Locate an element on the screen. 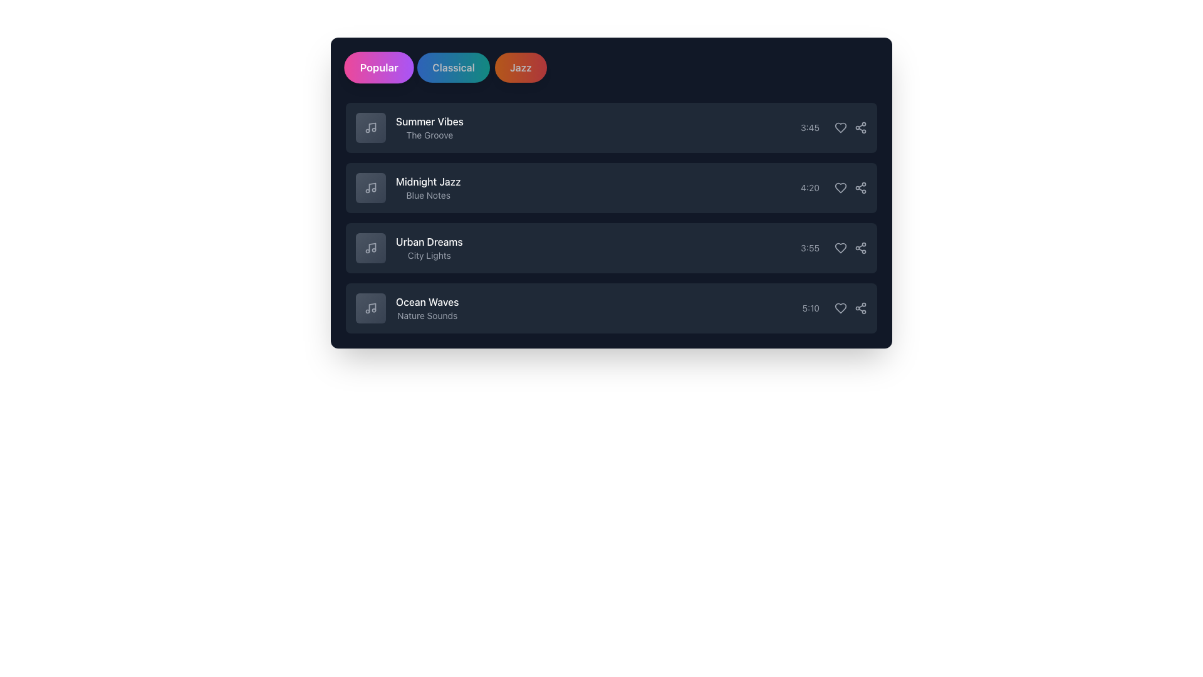 This screenshot has height=677, width=1203. the music icon for the 'Urban Dreams' song entry, which is located is located at coordinates (370, 248).